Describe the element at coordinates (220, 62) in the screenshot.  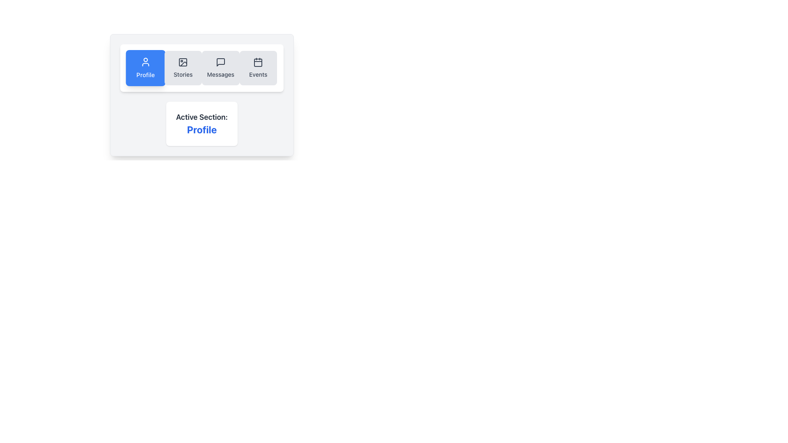
I see `the speech bubble icon in the navigation menu, which is the third icon from the left, located between 'Stories' and 'Events'` at that location.